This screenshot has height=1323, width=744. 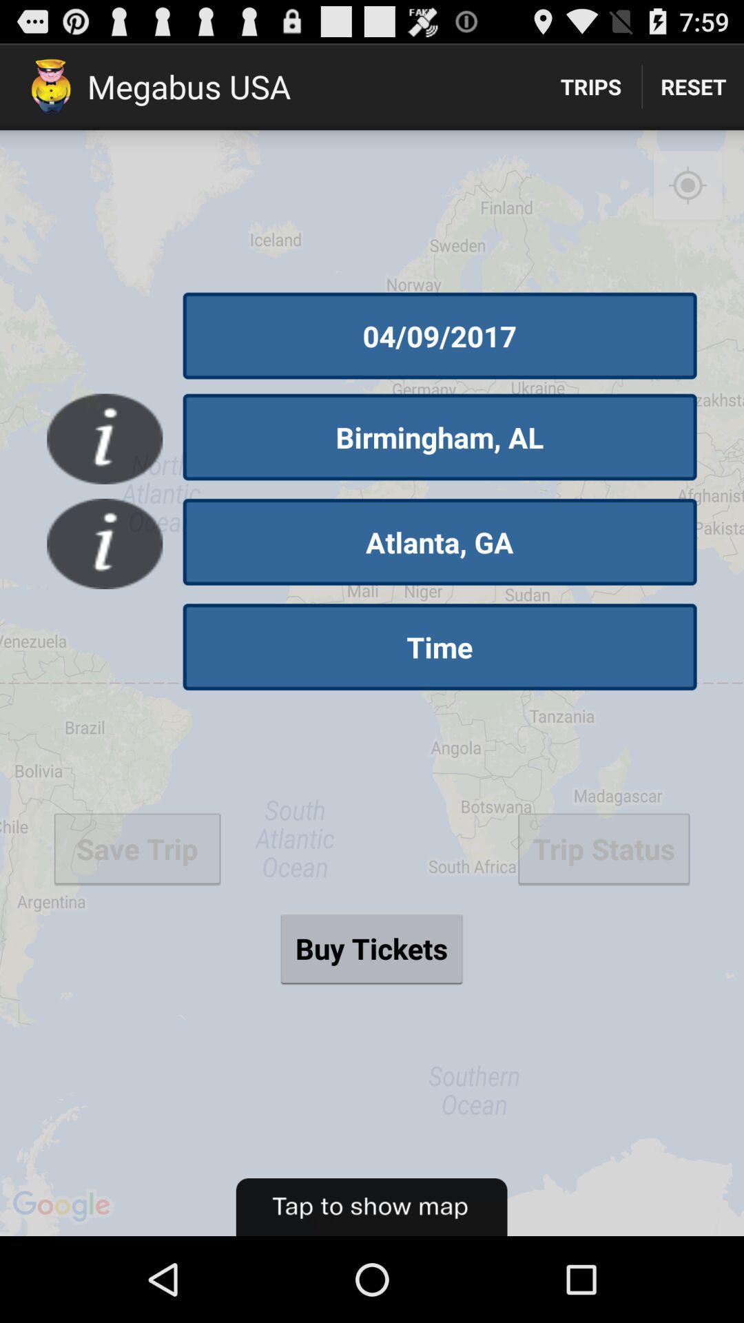 I want to click on button next to the birmingham, al item, so click(x=104, y=438).